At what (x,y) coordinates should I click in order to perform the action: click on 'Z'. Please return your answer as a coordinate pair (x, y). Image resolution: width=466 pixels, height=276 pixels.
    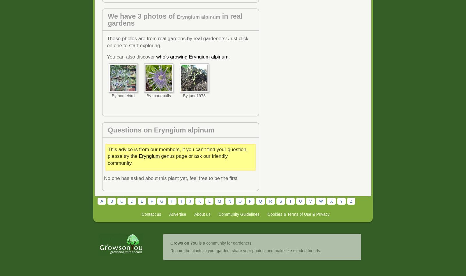
    Looking at the image, I should click on (351, 200).